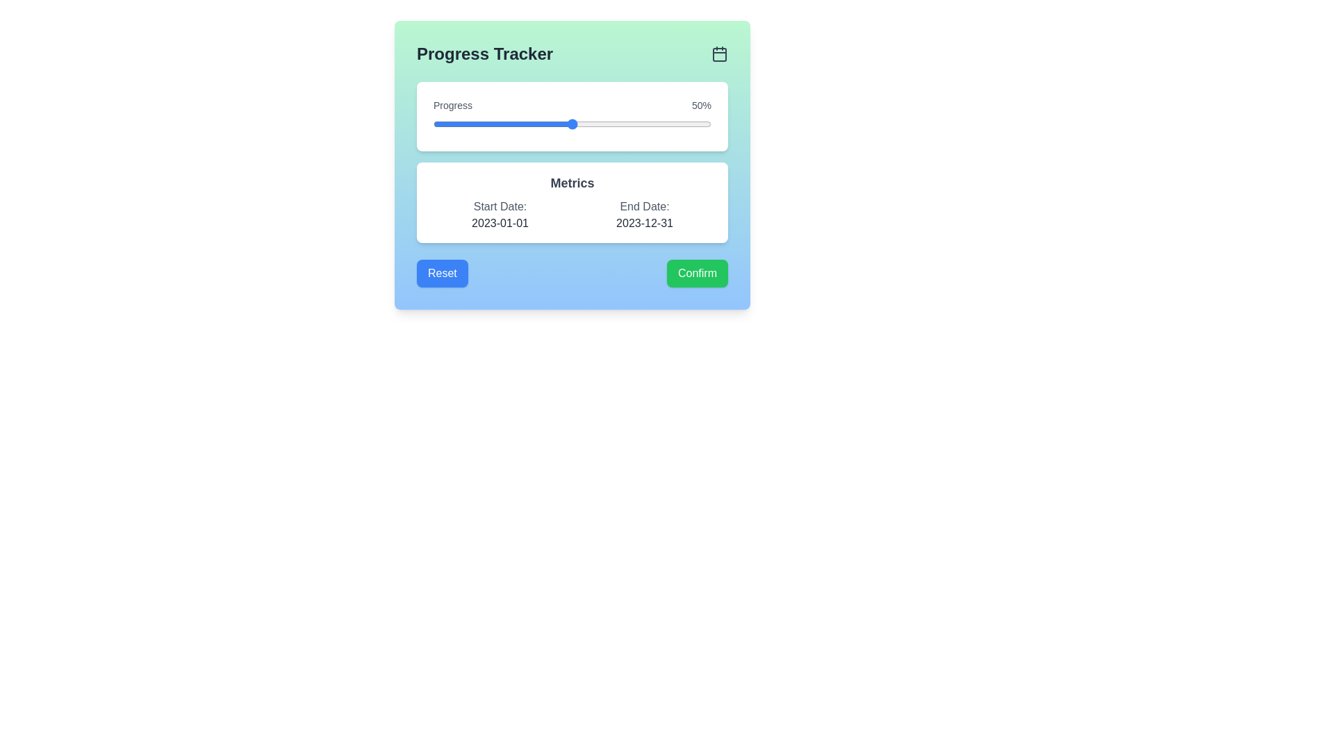  What do you see at coordinates (494, 123) in the screenshot?
I see `the slider value` at bounding box center [494, 123].